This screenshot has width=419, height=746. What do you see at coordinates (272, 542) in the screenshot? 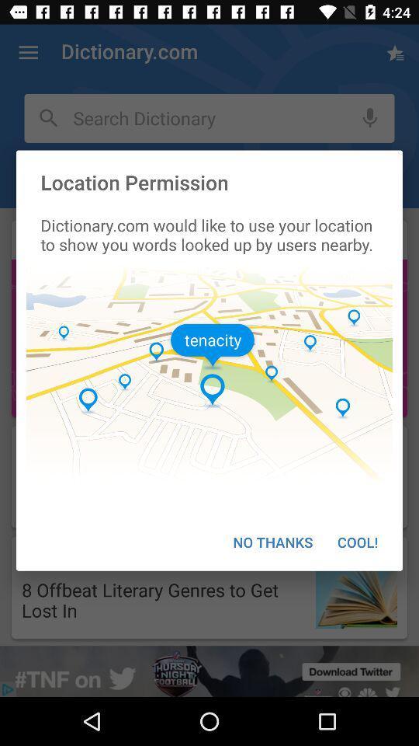
I see `the no thanks icon` at bounding box center [272, 542].